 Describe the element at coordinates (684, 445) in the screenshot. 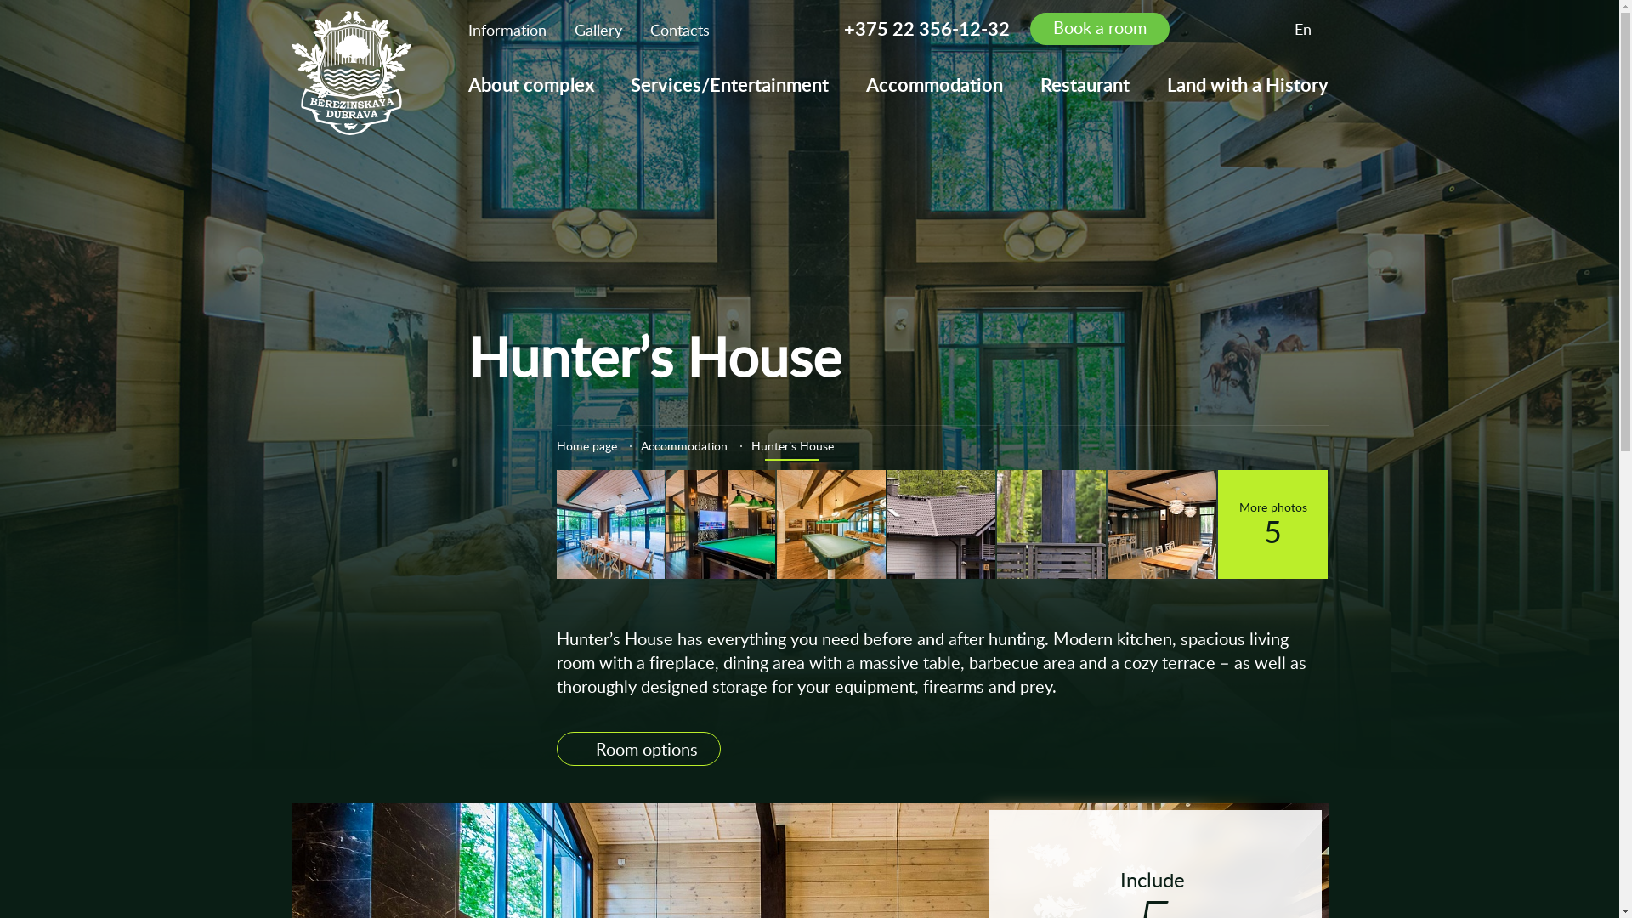

I see `'Accommodation'` at that location.